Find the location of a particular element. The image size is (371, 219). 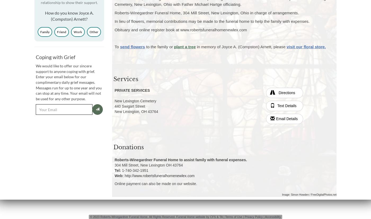

'Private Services' is located at coordinates (132, 90).